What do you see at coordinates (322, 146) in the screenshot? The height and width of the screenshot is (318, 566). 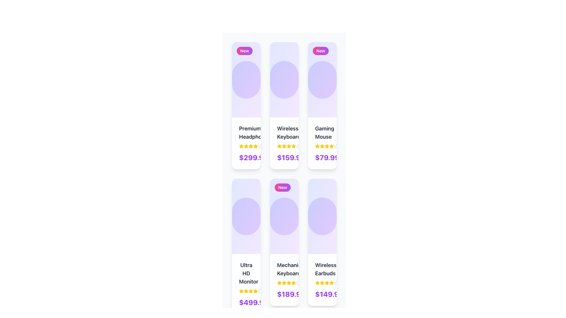 I see `the third gold-colored star in the rating system below the 'Gaming Mouse' product card to interact or change the rating` at bounding box center [322, 146].